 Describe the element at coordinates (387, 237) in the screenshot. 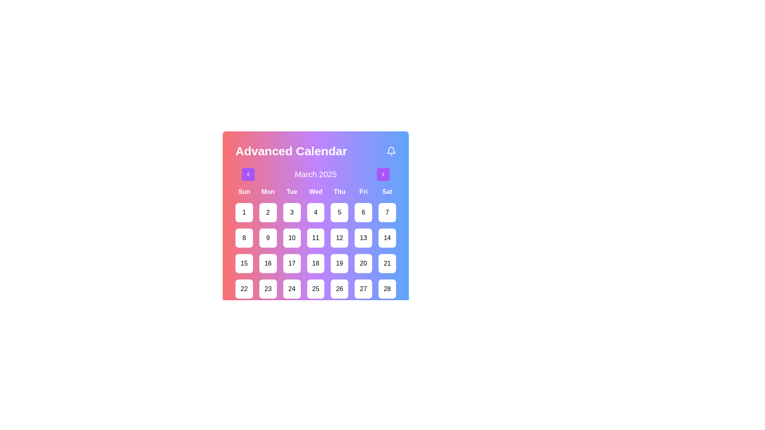

I see `the button representing the 14th day in the calendar grid` at that location.